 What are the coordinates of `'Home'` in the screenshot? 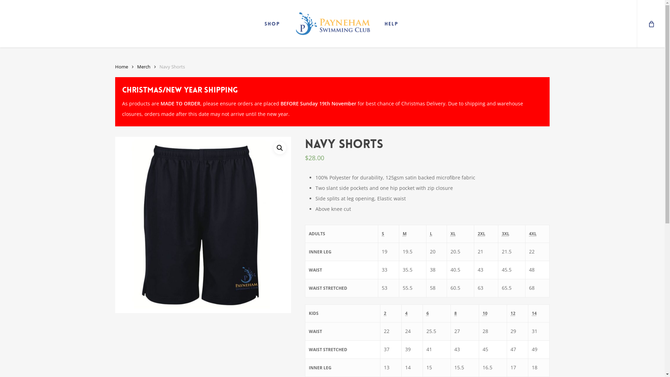 It's located at (121, 67).